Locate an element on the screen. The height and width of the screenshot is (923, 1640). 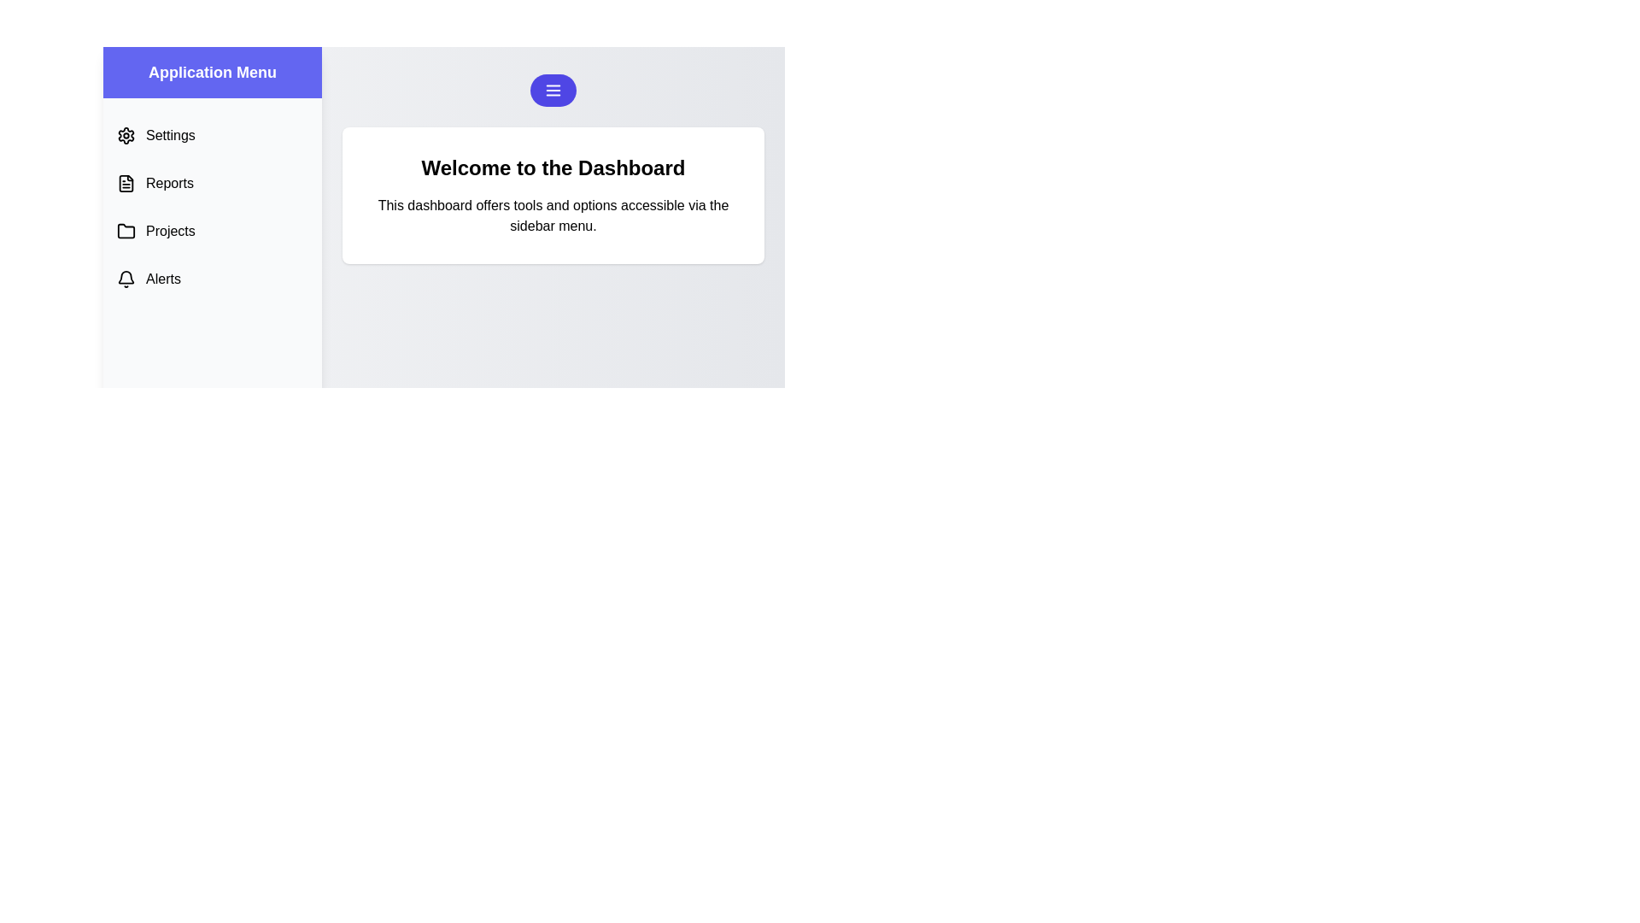
the menu option Reports is located at coordinates (212, 184).